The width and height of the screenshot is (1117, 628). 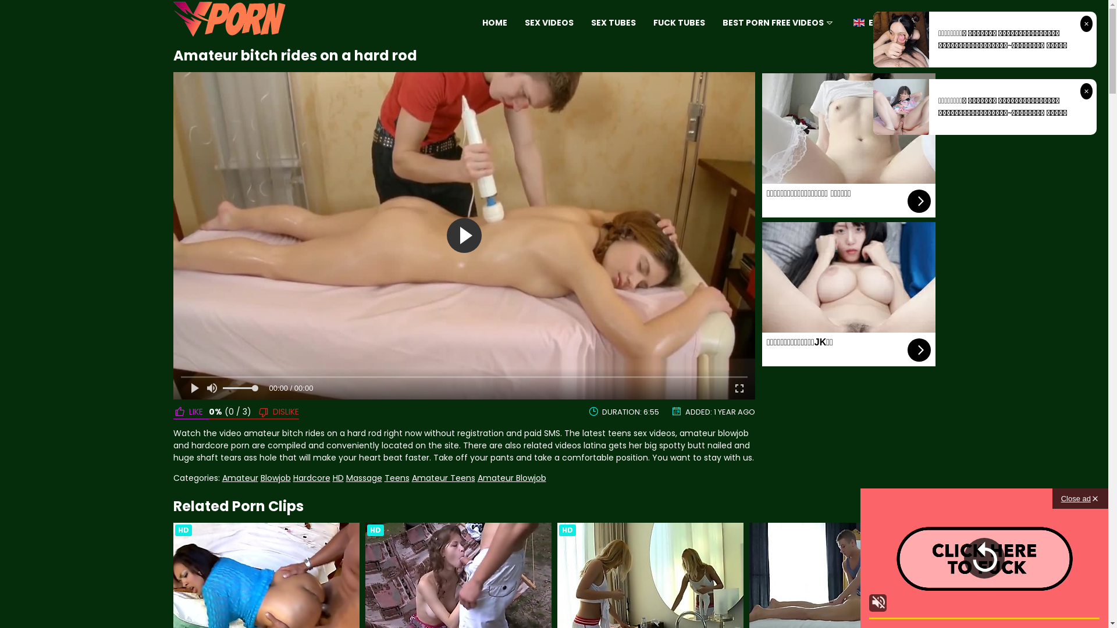 I want to click on 'FUCK TUBES', so click(x=679, y=22).